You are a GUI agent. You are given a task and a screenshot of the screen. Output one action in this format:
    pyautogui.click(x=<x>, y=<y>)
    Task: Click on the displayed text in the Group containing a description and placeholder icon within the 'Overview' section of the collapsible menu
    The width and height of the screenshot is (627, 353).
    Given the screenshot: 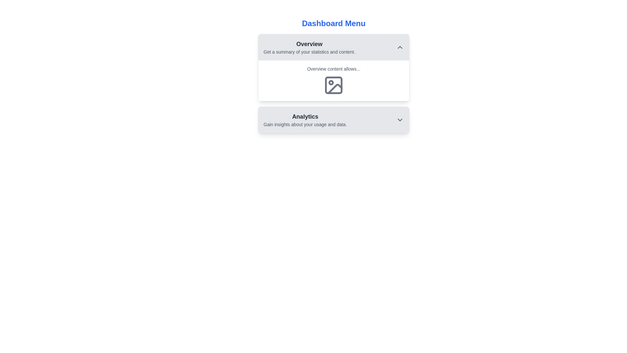 What is the action you would take?
    pyautogui.click(x=334, y=80)
    